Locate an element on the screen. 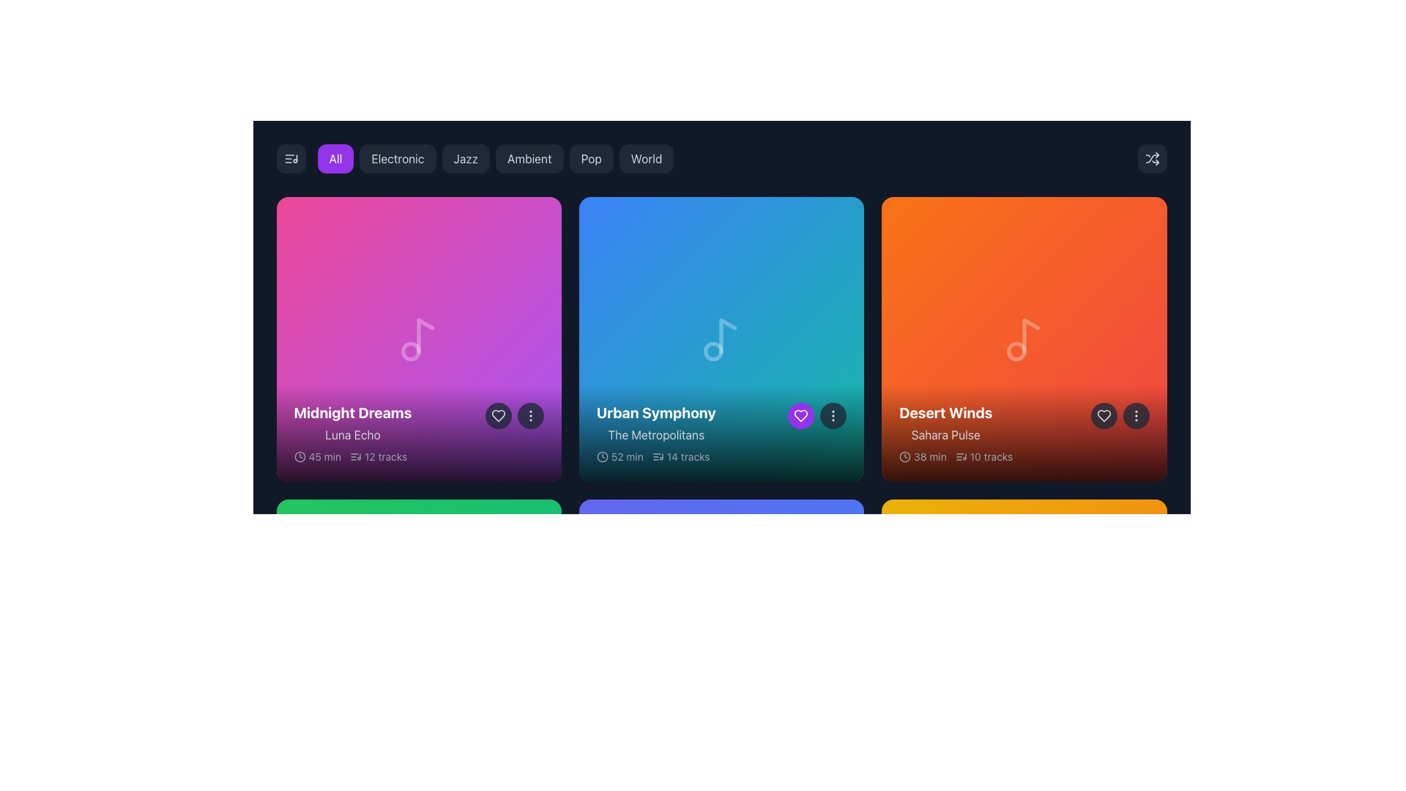 This screenshot has width=1406, height=791. the non-interactive title text label that identifies a playlist or media collection, located at the top-center of the card above the secondary text 'The Metropolitans' is located at coordinates (655, 413).